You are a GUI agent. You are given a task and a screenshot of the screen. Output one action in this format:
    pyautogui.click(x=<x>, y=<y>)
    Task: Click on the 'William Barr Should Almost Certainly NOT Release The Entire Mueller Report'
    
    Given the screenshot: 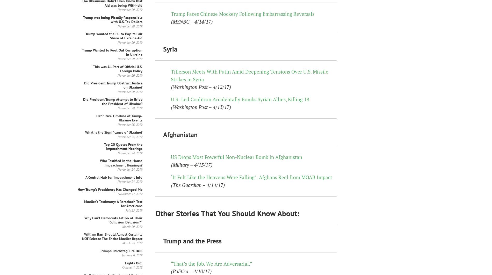 What is the action you would take?
    pyautogui.click(x=112, y=236)
    